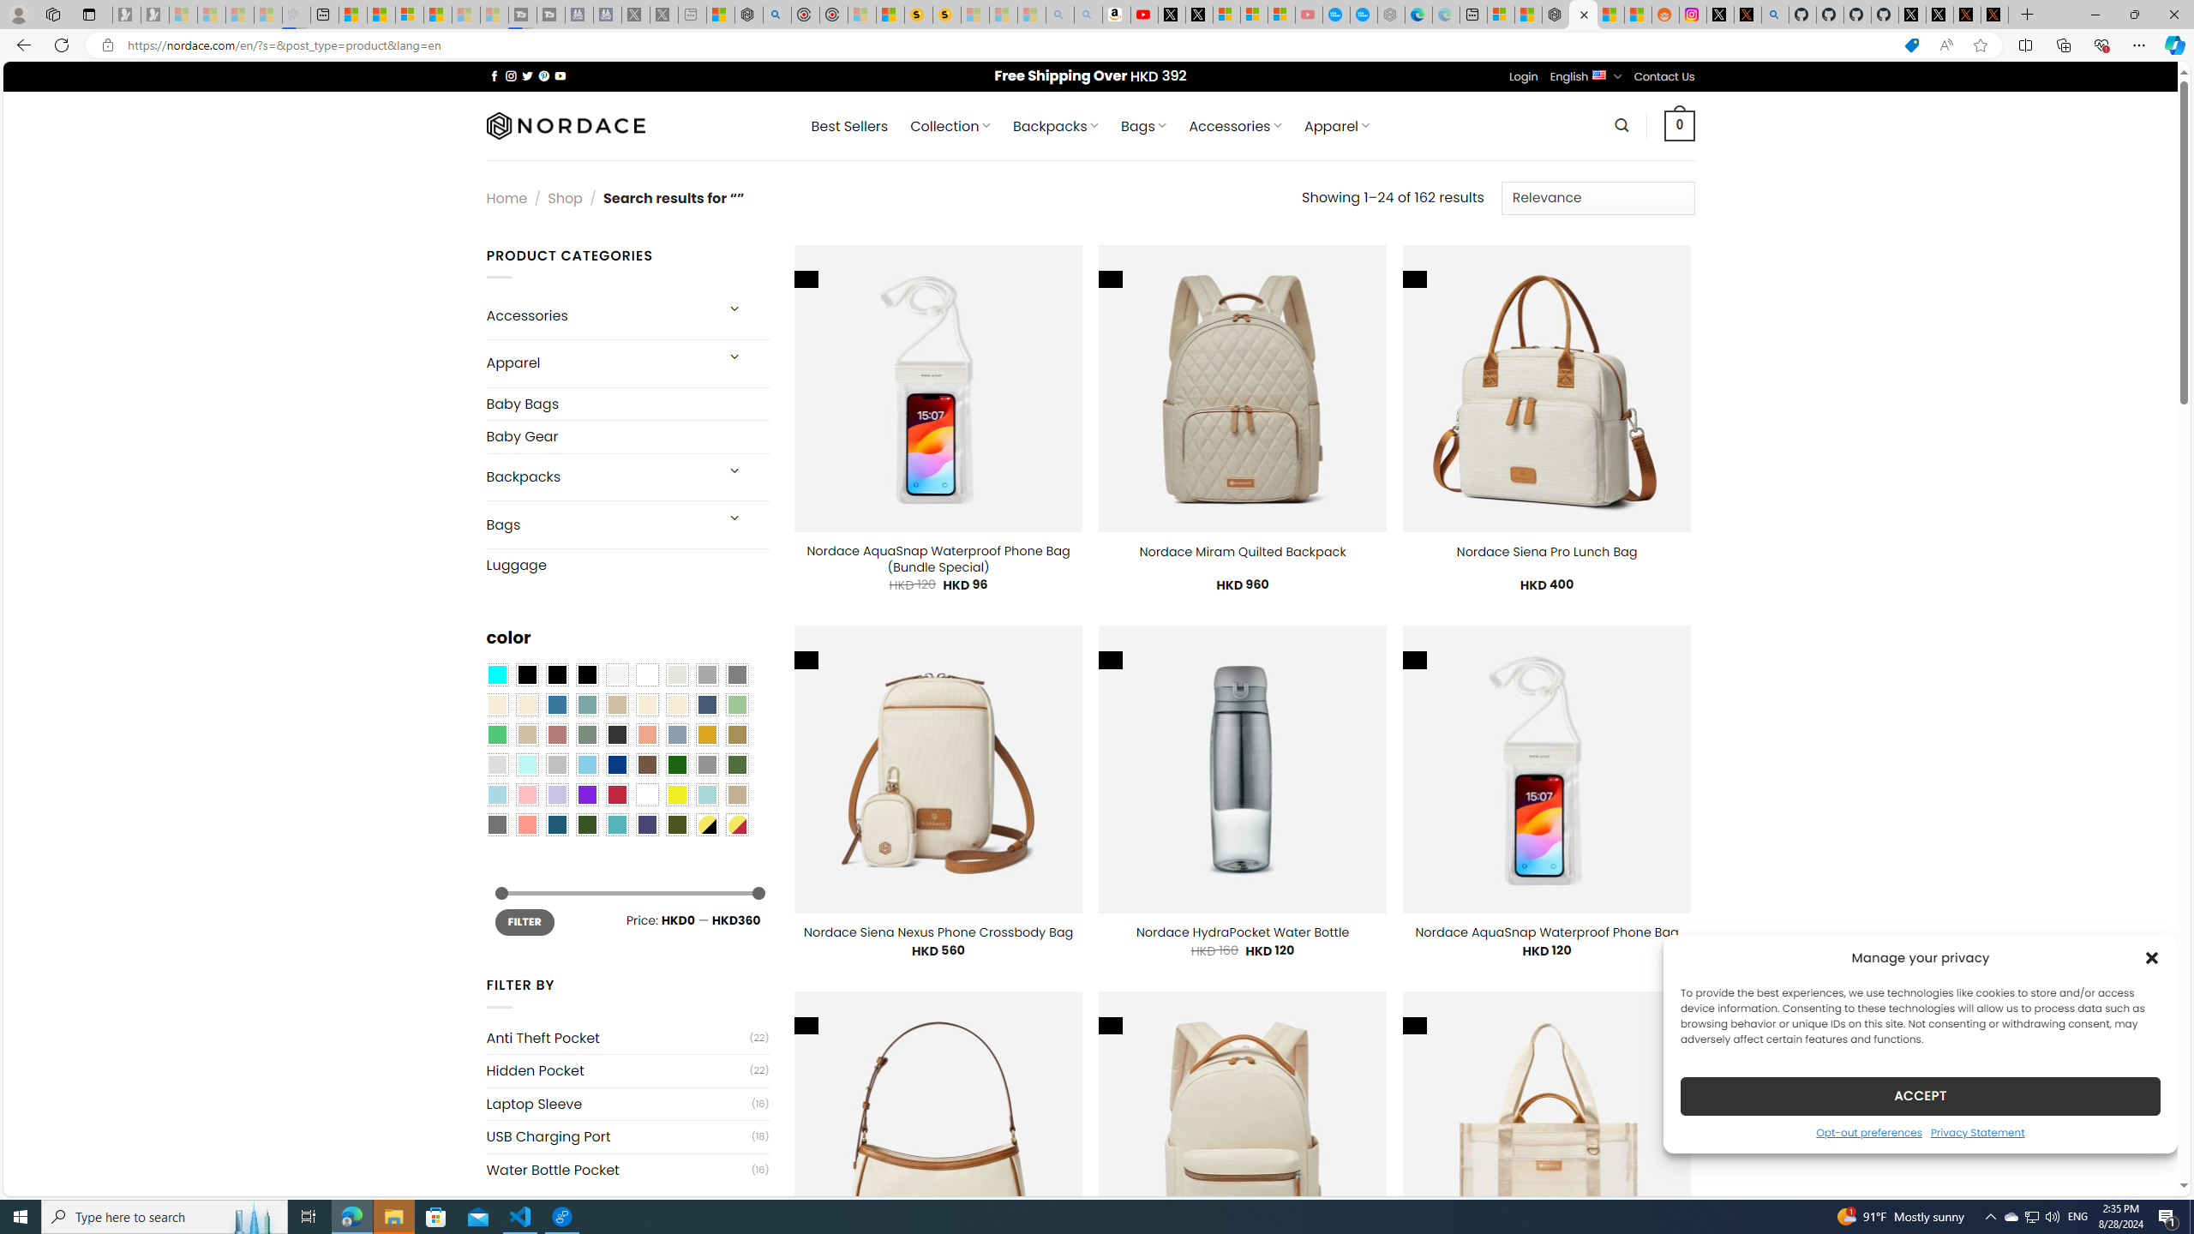 The width and height of the screenshot is (2194, 1234). What do you see at coordinates (626, 403) in the screenshot?
I see `'Baby Bags'` at bounding box center [626, 403].